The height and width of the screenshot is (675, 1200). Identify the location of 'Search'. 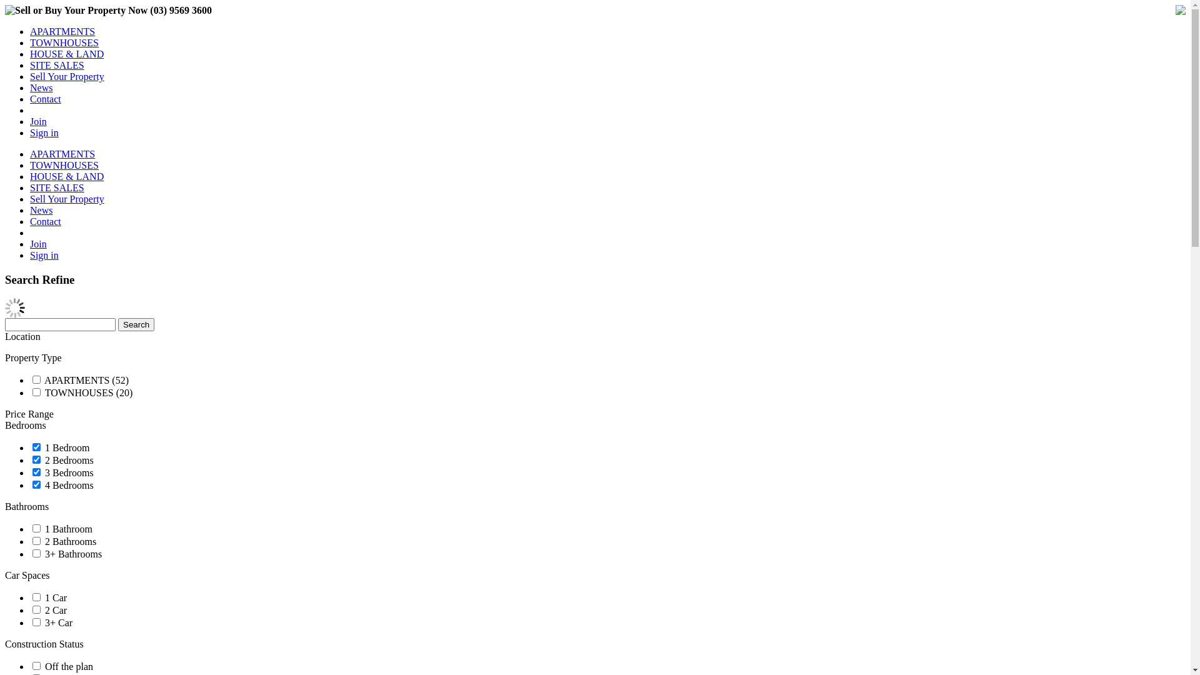
(136, 324).